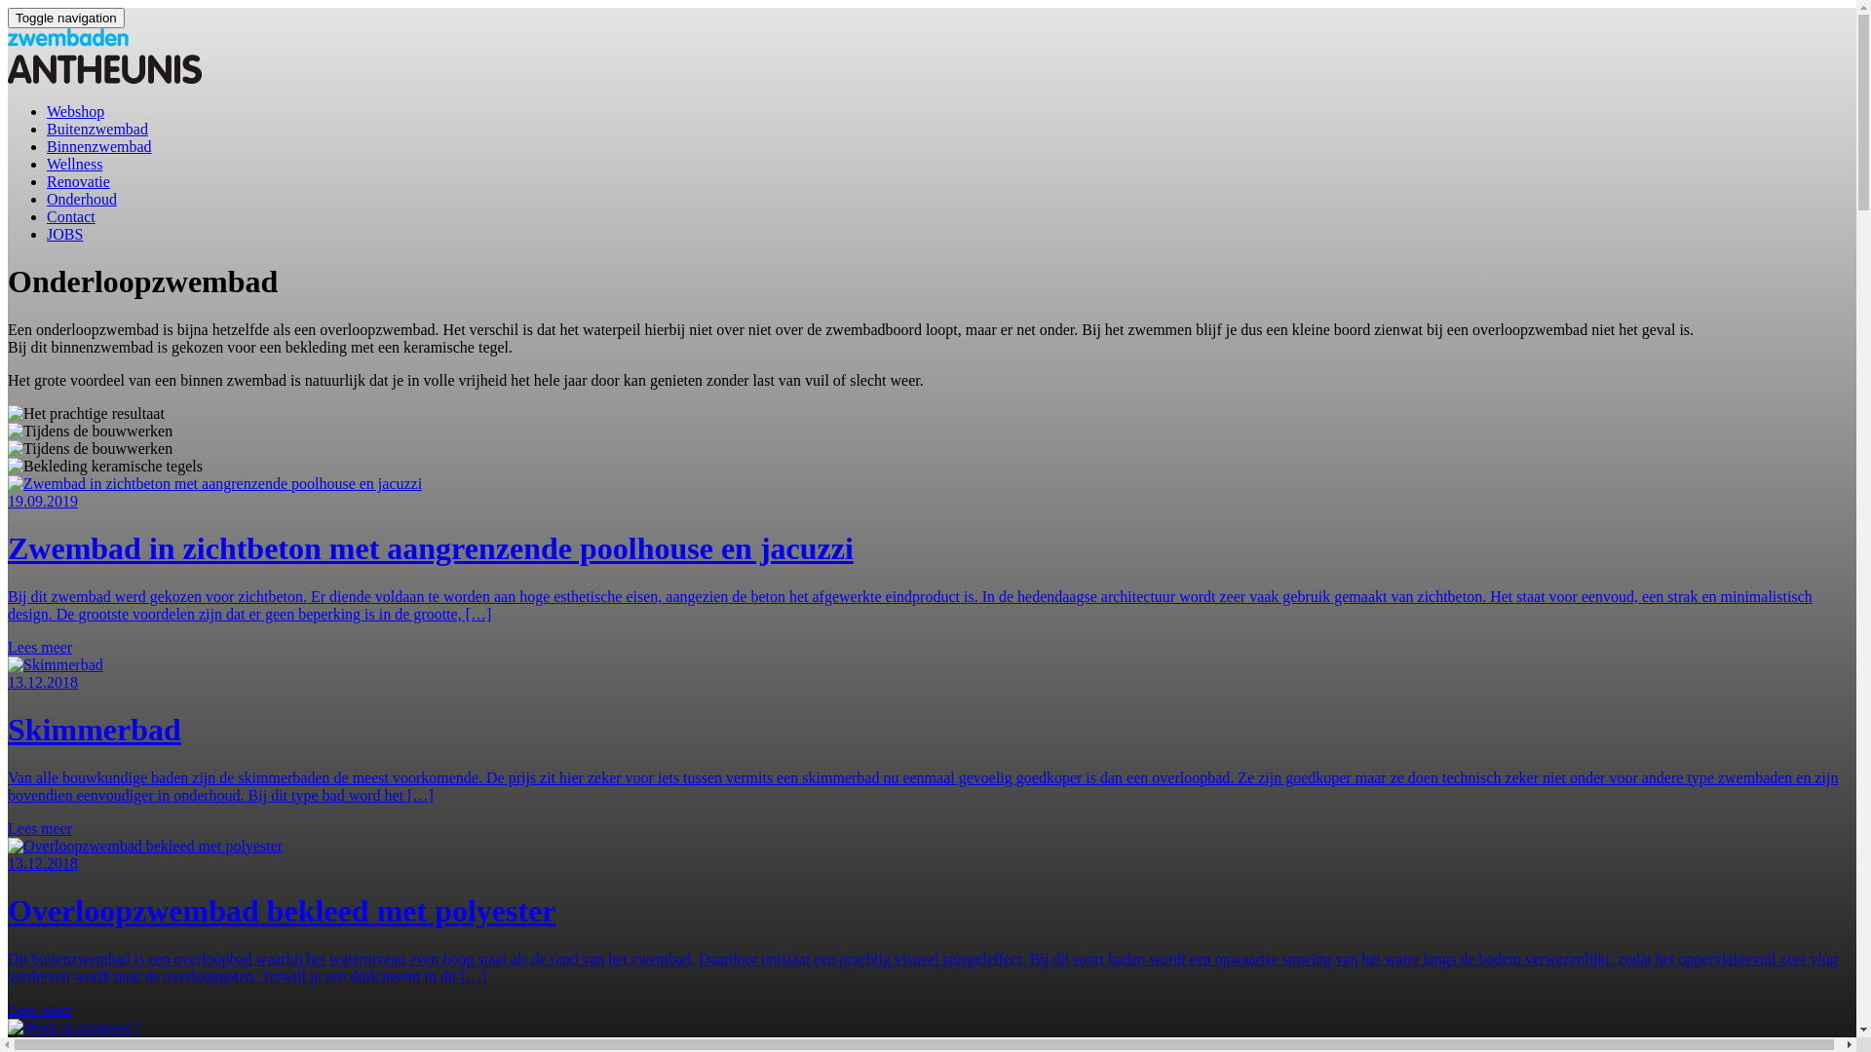 The height and width of the screenshot is (1052, 1871). I want to click on 'Lees meer', so click(40, 828).